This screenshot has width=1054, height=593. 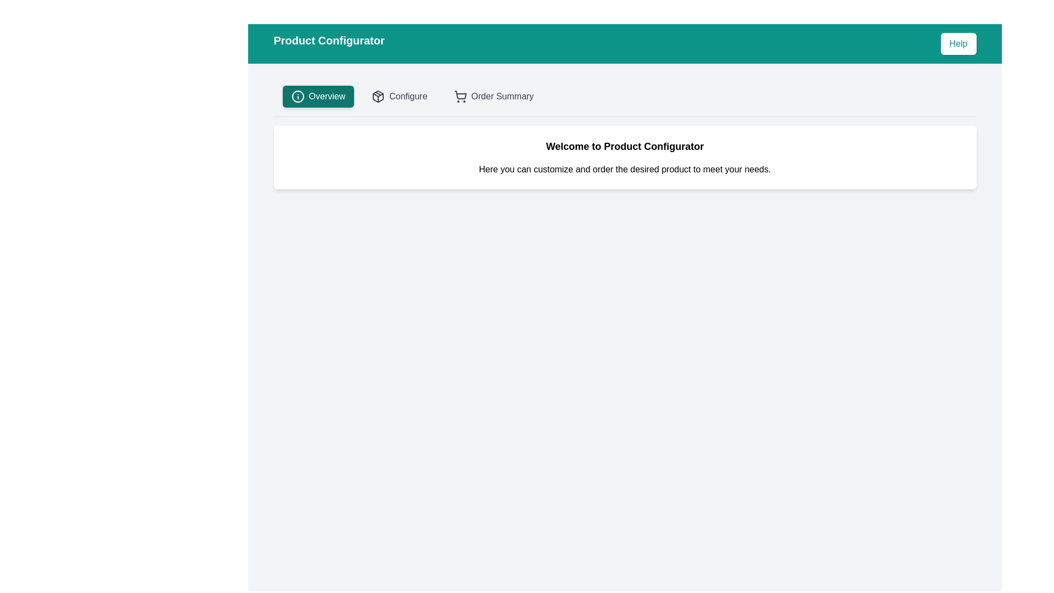 What do you see at coordinates (460, 96) in the screenshot?
I see `the shopping cart icon in the navigation bar, which is part of the 'Order Summary' button and is located to the left of its text label` at bounding box center [460, 96].